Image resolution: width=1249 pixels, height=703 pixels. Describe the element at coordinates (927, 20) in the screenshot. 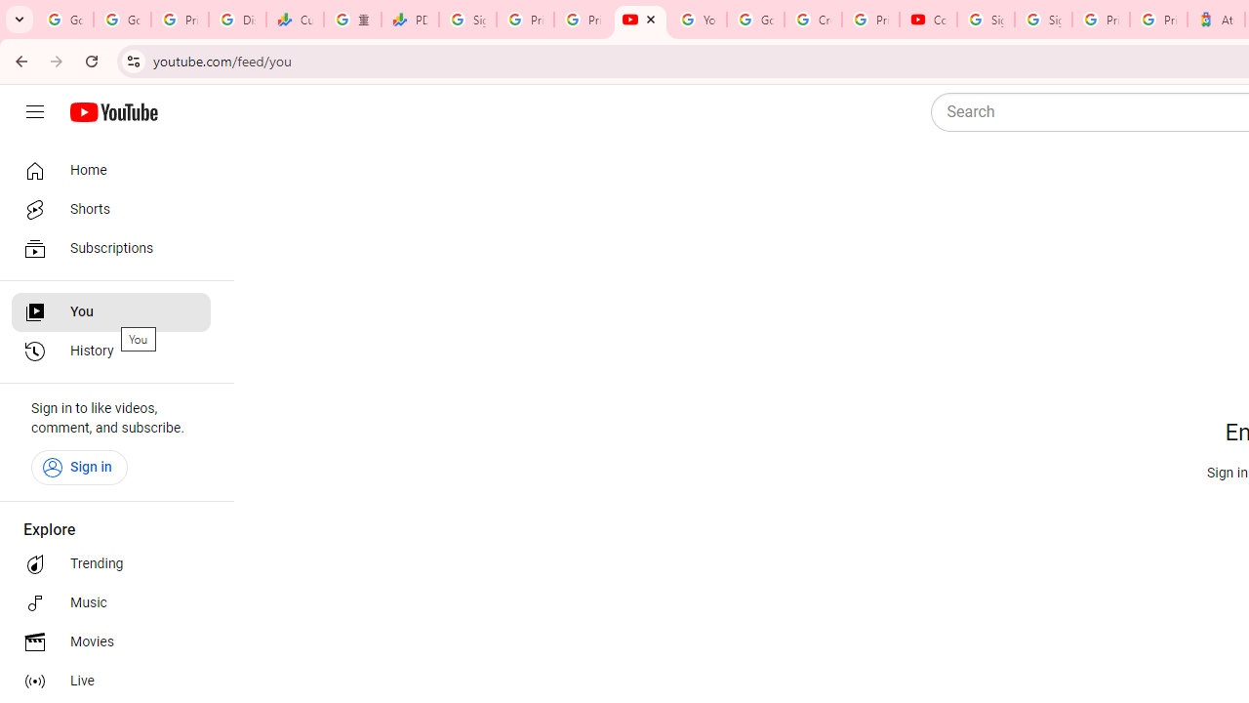

I see `'Content Creator Programs & Opportunities - YouTube Creators'` at that location.